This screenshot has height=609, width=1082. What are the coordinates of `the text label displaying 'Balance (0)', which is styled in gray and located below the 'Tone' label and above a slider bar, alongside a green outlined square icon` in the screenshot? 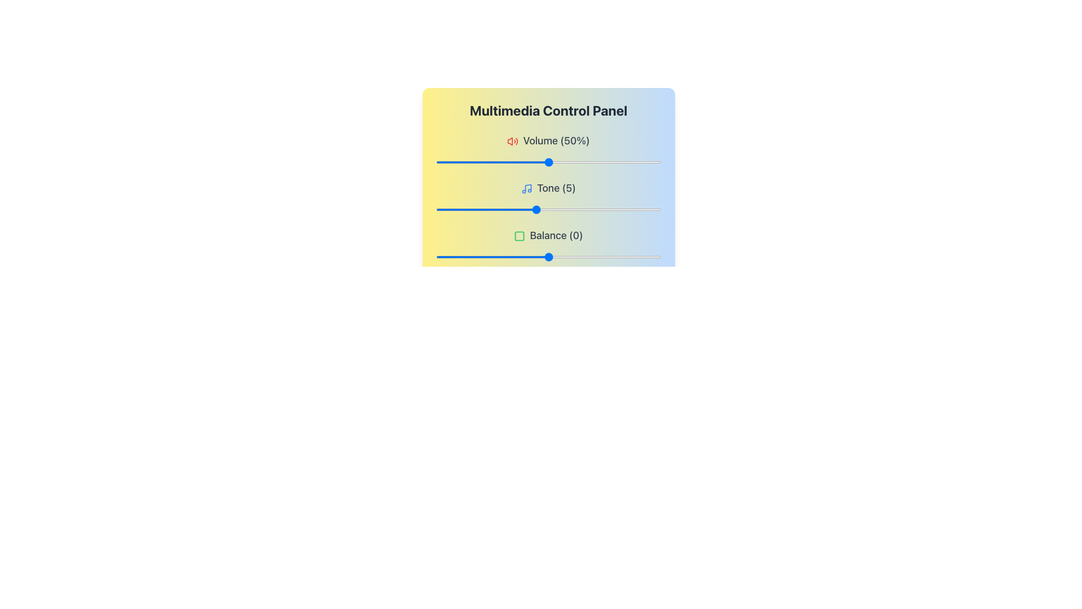 It's located at (548, 235).